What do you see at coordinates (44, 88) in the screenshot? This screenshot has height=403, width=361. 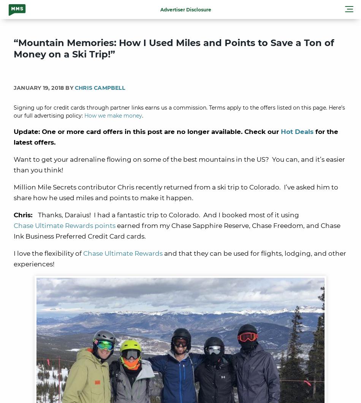 I see `'January 19, 2018 By'` at bounding box center [44, 88].